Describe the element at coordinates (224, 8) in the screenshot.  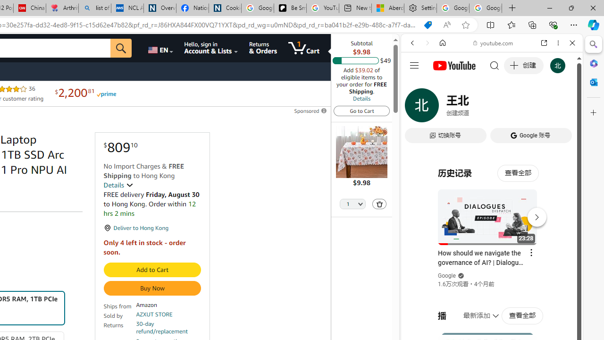
I see `'Cookies'` at that location.